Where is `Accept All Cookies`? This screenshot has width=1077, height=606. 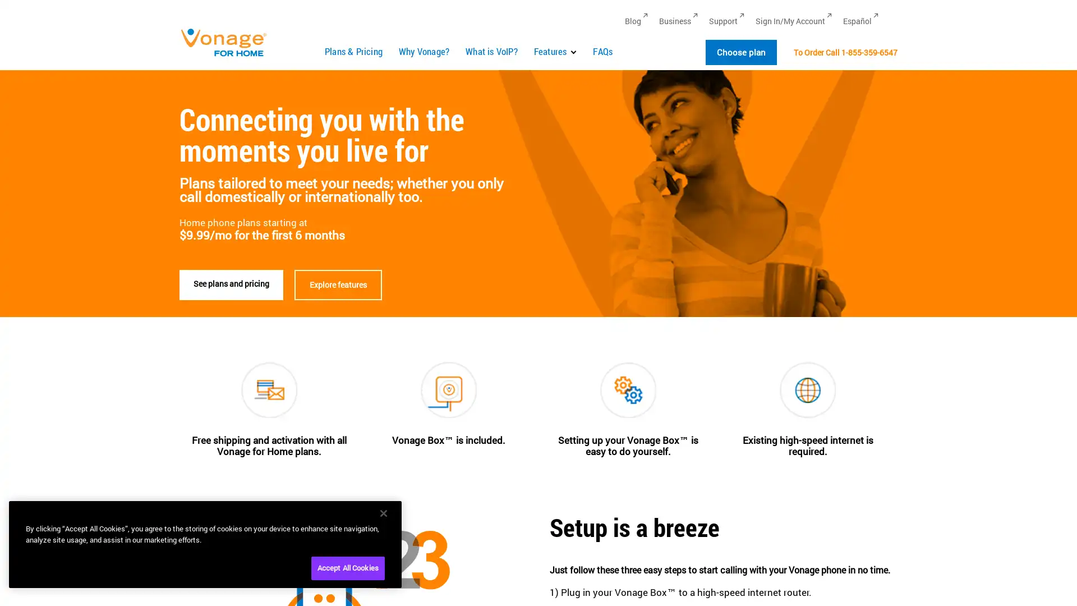 Accept All Cookies is located at coordinates (347, 568).